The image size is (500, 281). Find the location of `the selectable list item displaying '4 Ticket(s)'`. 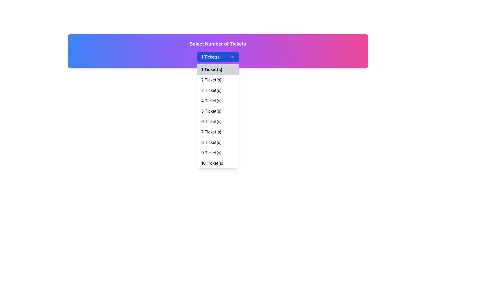

the selectable list item displaying '4 Ticket(s)' is located at coordinates (218, 100).